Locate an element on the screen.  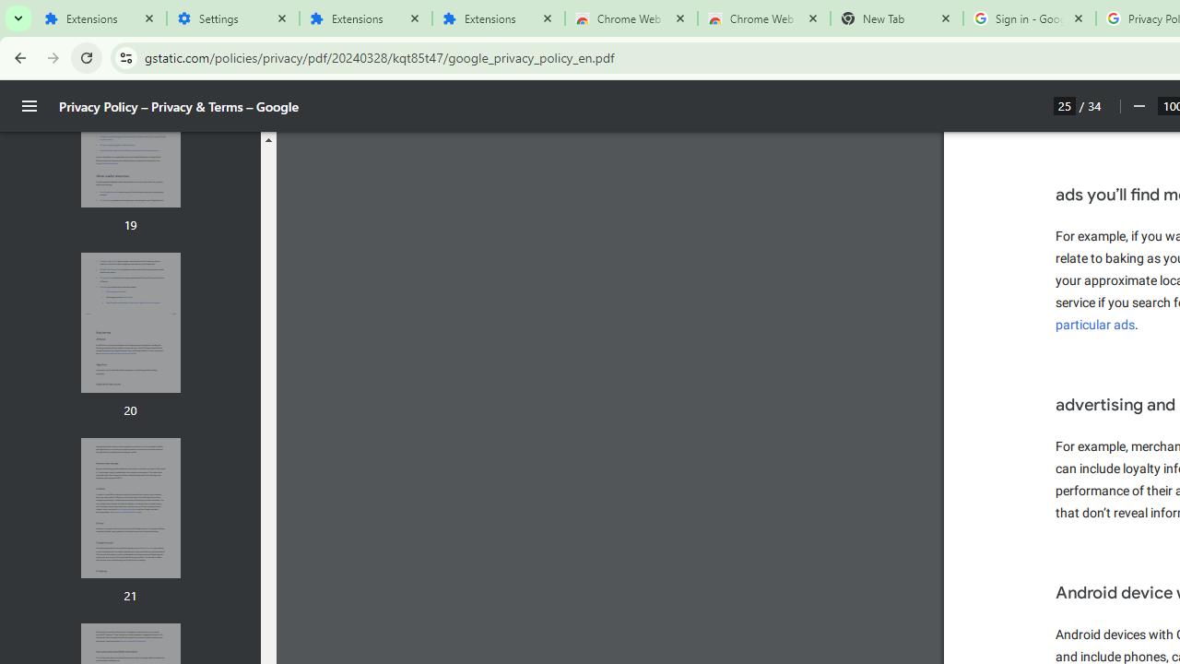
'Thumbnail for page 21' is located at coordinates (129, 508).